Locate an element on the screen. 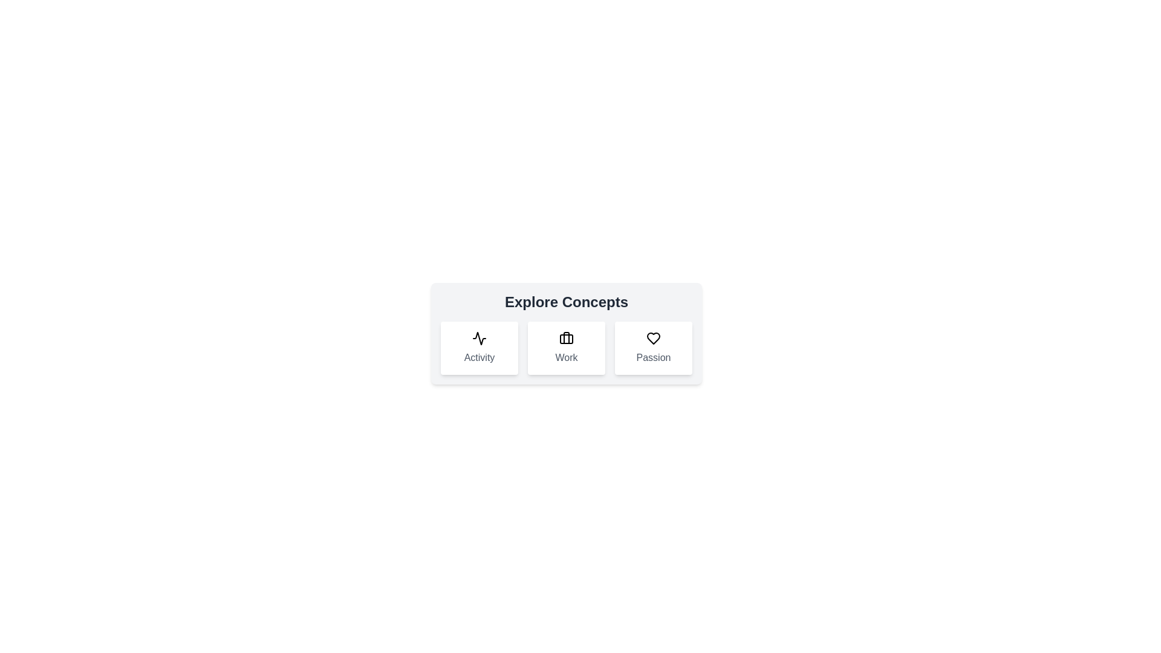  the briefcase SVG icon located in the middle section under the heading 'Explore Concepts' is located at coordinates (565, 338).